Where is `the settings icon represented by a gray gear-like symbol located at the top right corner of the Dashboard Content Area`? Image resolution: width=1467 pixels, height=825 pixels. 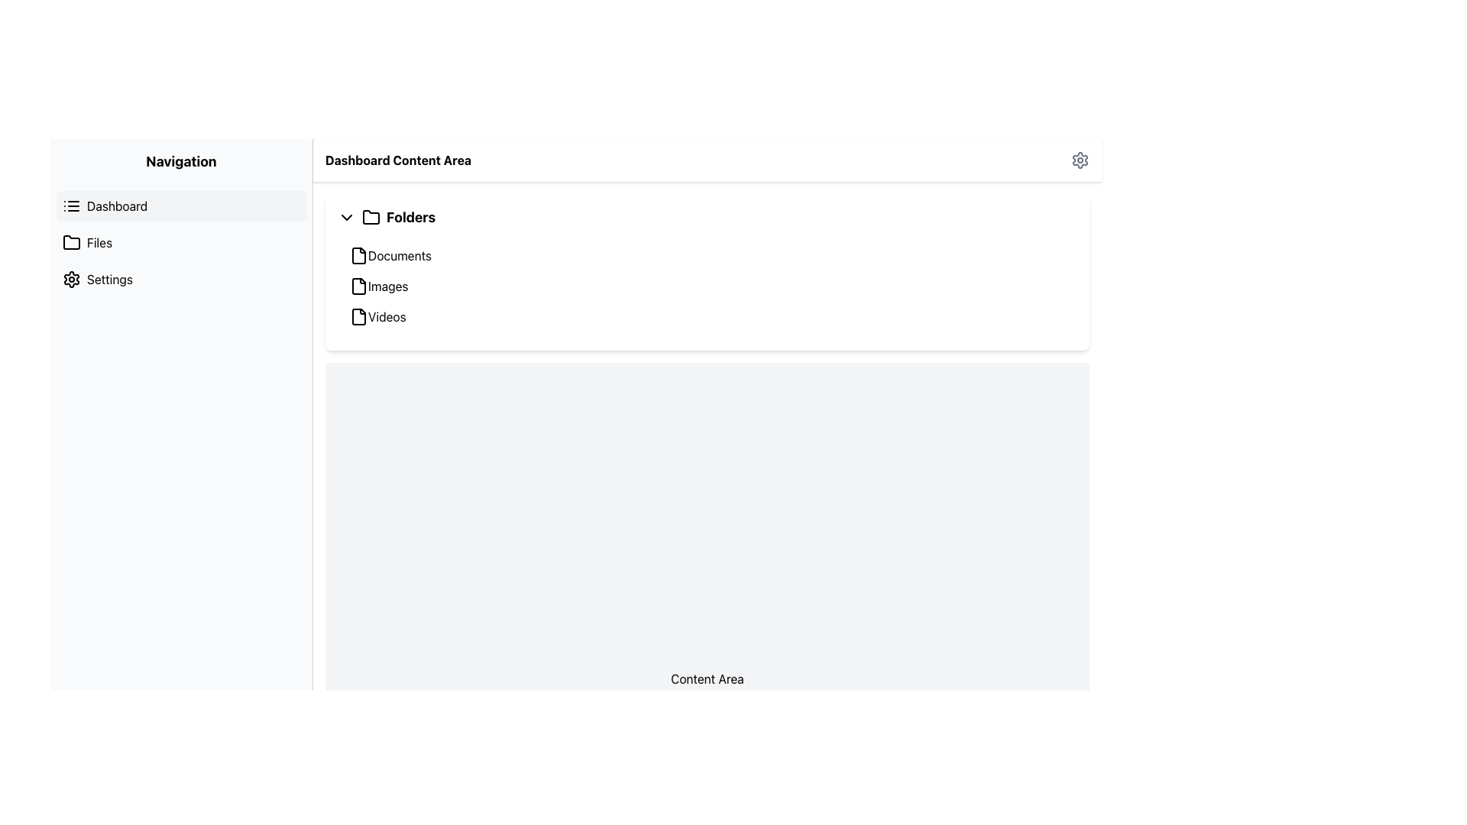
the settings icon represented by a gray gear-like symbol located at the top right corner of the Dashboard Content Area is located at coordinates (1080, 160).